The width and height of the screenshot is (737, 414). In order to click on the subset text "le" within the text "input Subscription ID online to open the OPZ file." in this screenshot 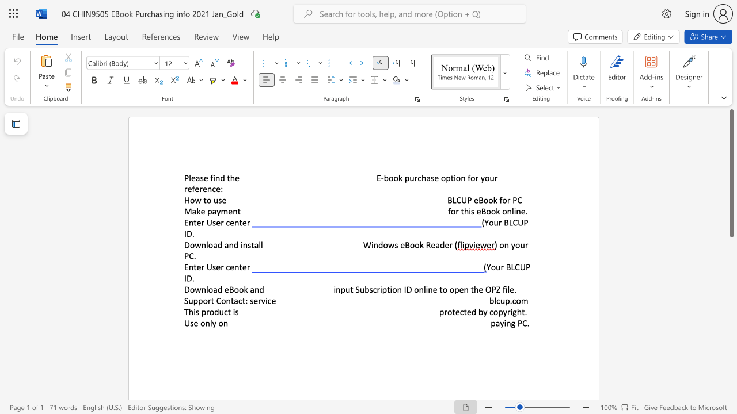, I will do `click(507, 289)`.